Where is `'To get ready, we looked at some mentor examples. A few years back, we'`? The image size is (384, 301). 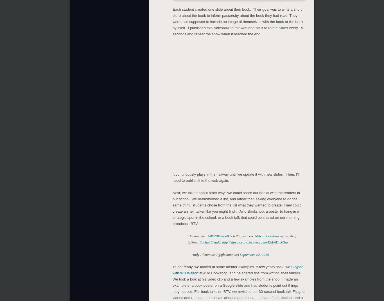
'To get ready, we looked at some mentor examples. A few years back, we' is located at coordinates (231, 267).